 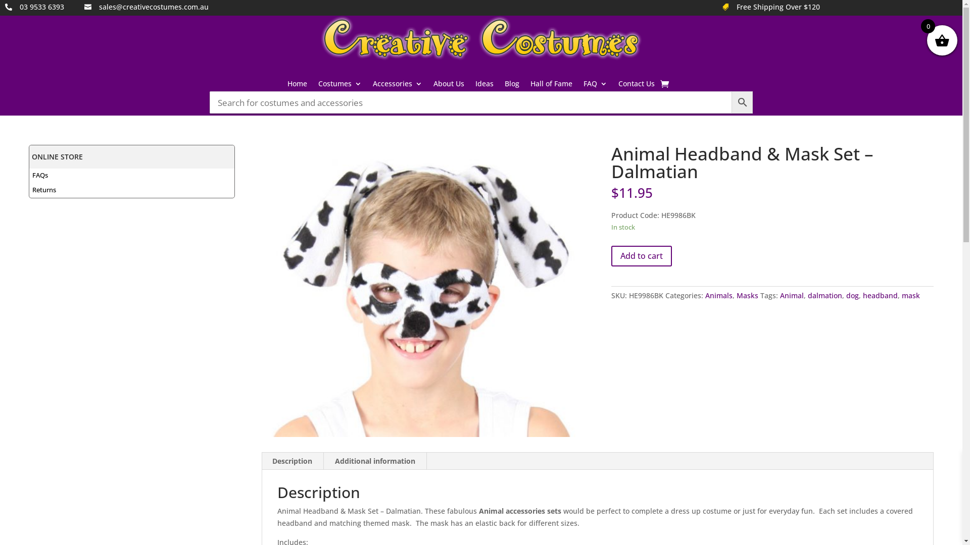 What do you see at coordinates (780, 295) in the screenshot?
I see `'Animal'` at bounding box center [780, 295].